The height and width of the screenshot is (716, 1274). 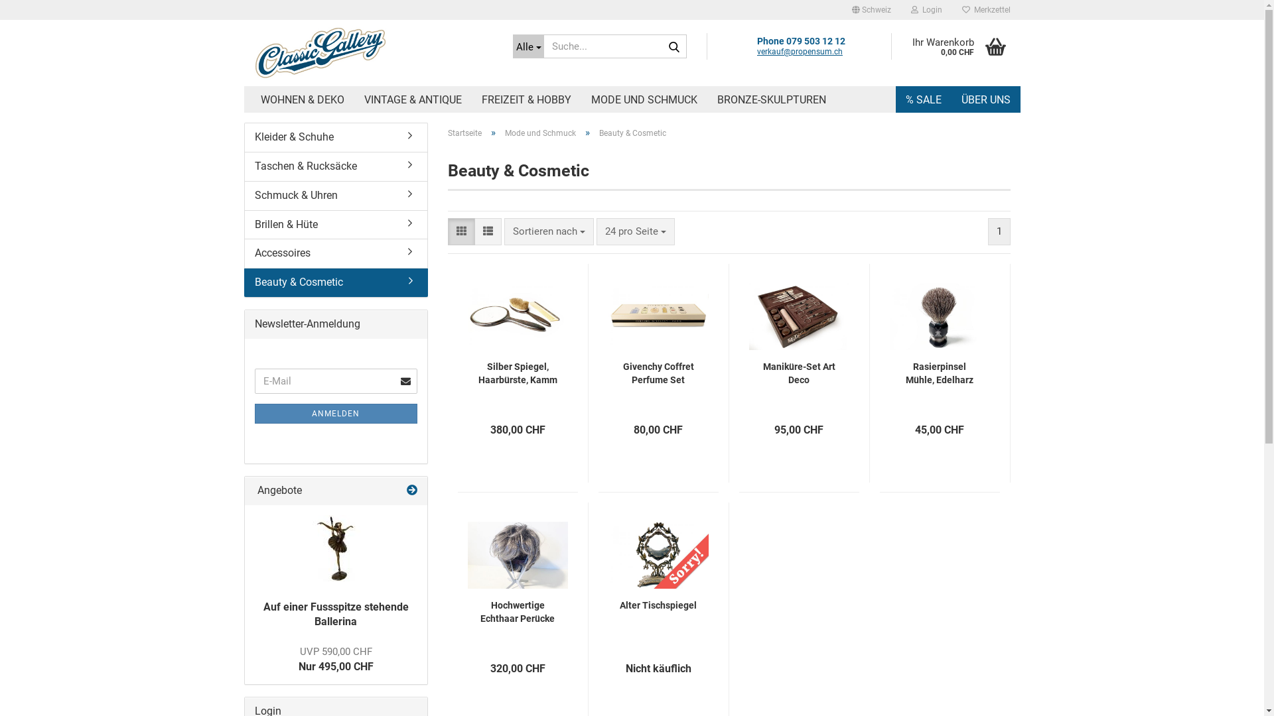 I want to click on 'Beauty & Cosmetic', so click(x=336, y=282).